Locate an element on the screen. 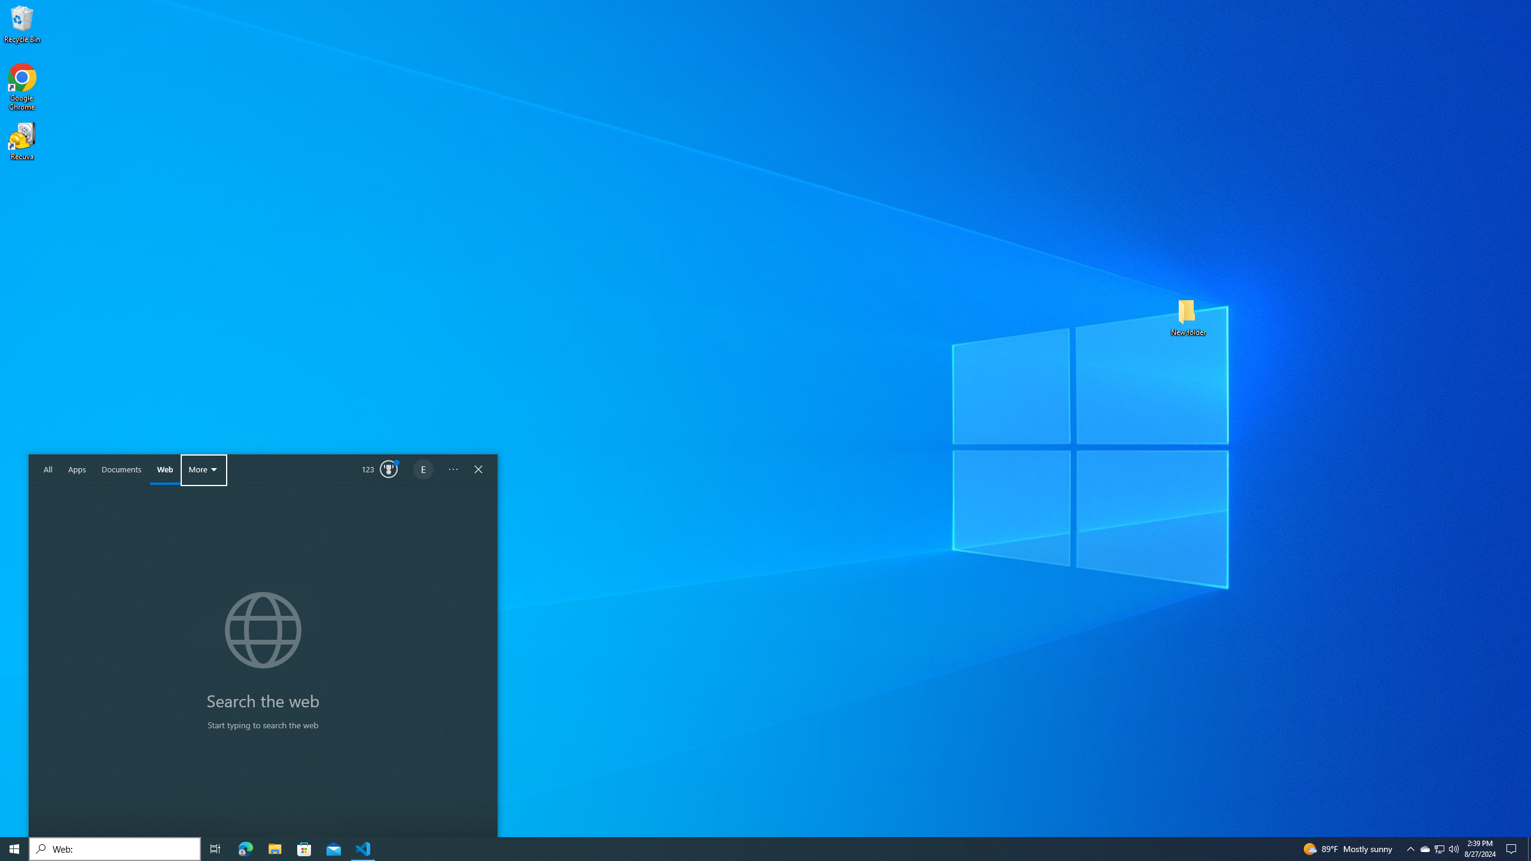 The height and width of the screenshot is (861, 1531). 'Documents' is located at coordinates (165, 469).